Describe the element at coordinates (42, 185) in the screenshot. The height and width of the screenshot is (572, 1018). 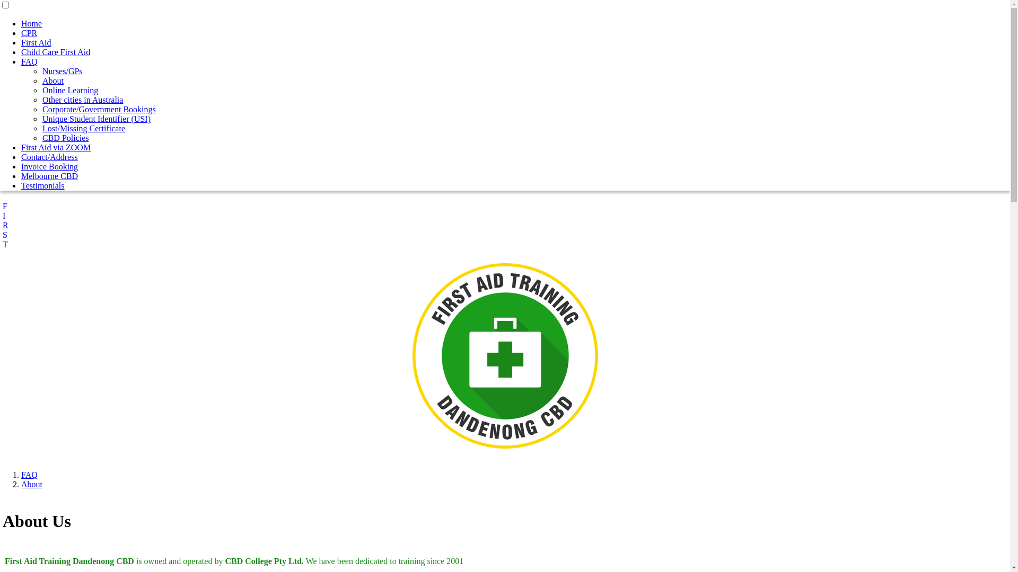
I see `'Testimonials'` at that location.